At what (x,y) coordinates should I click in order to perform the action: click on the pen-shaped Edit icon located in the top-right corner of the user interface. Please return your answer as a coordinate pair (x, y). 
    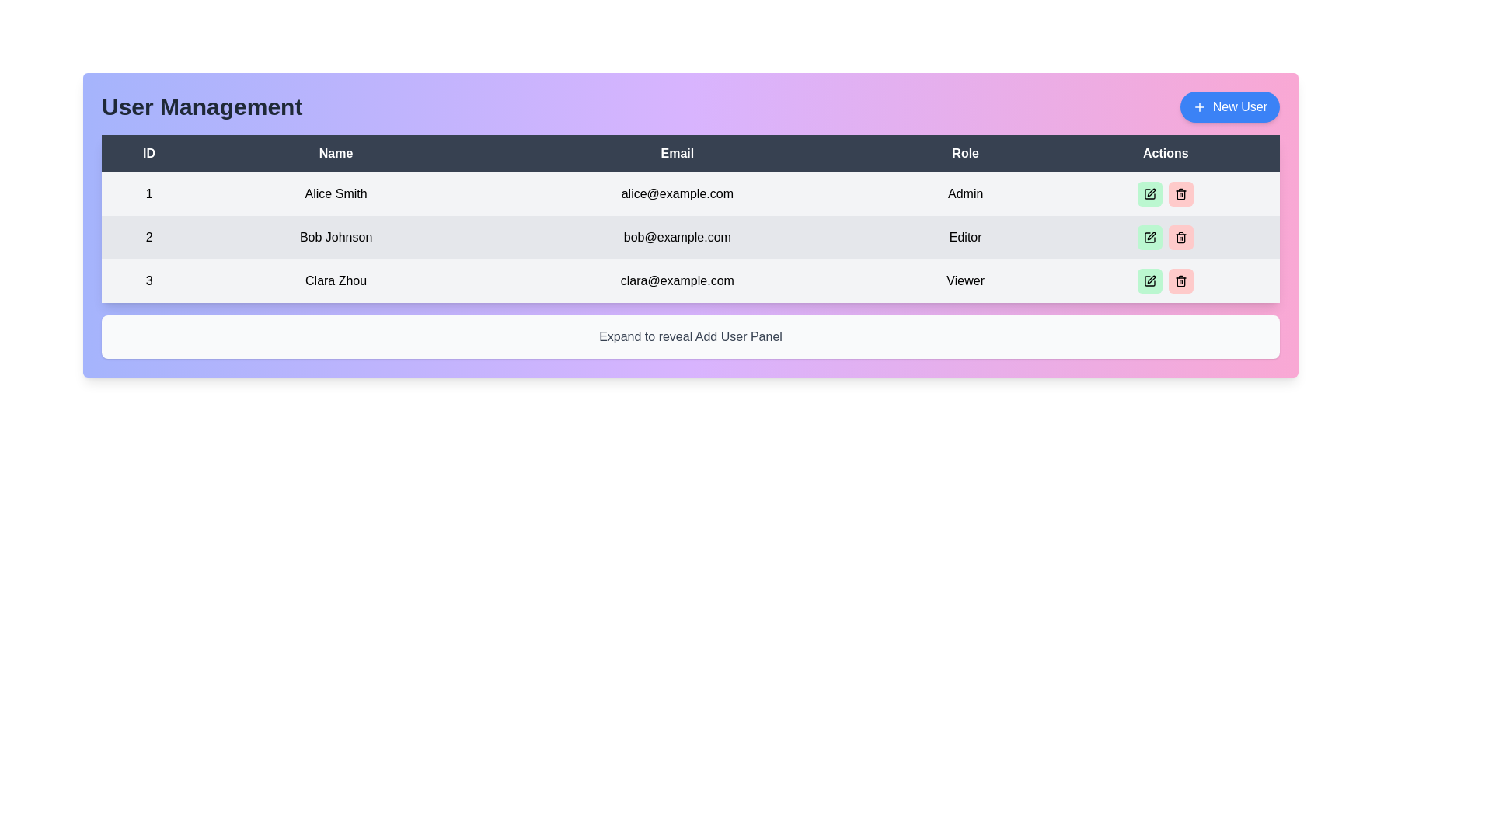
    Looking at the image, I should click on (1152, 191).